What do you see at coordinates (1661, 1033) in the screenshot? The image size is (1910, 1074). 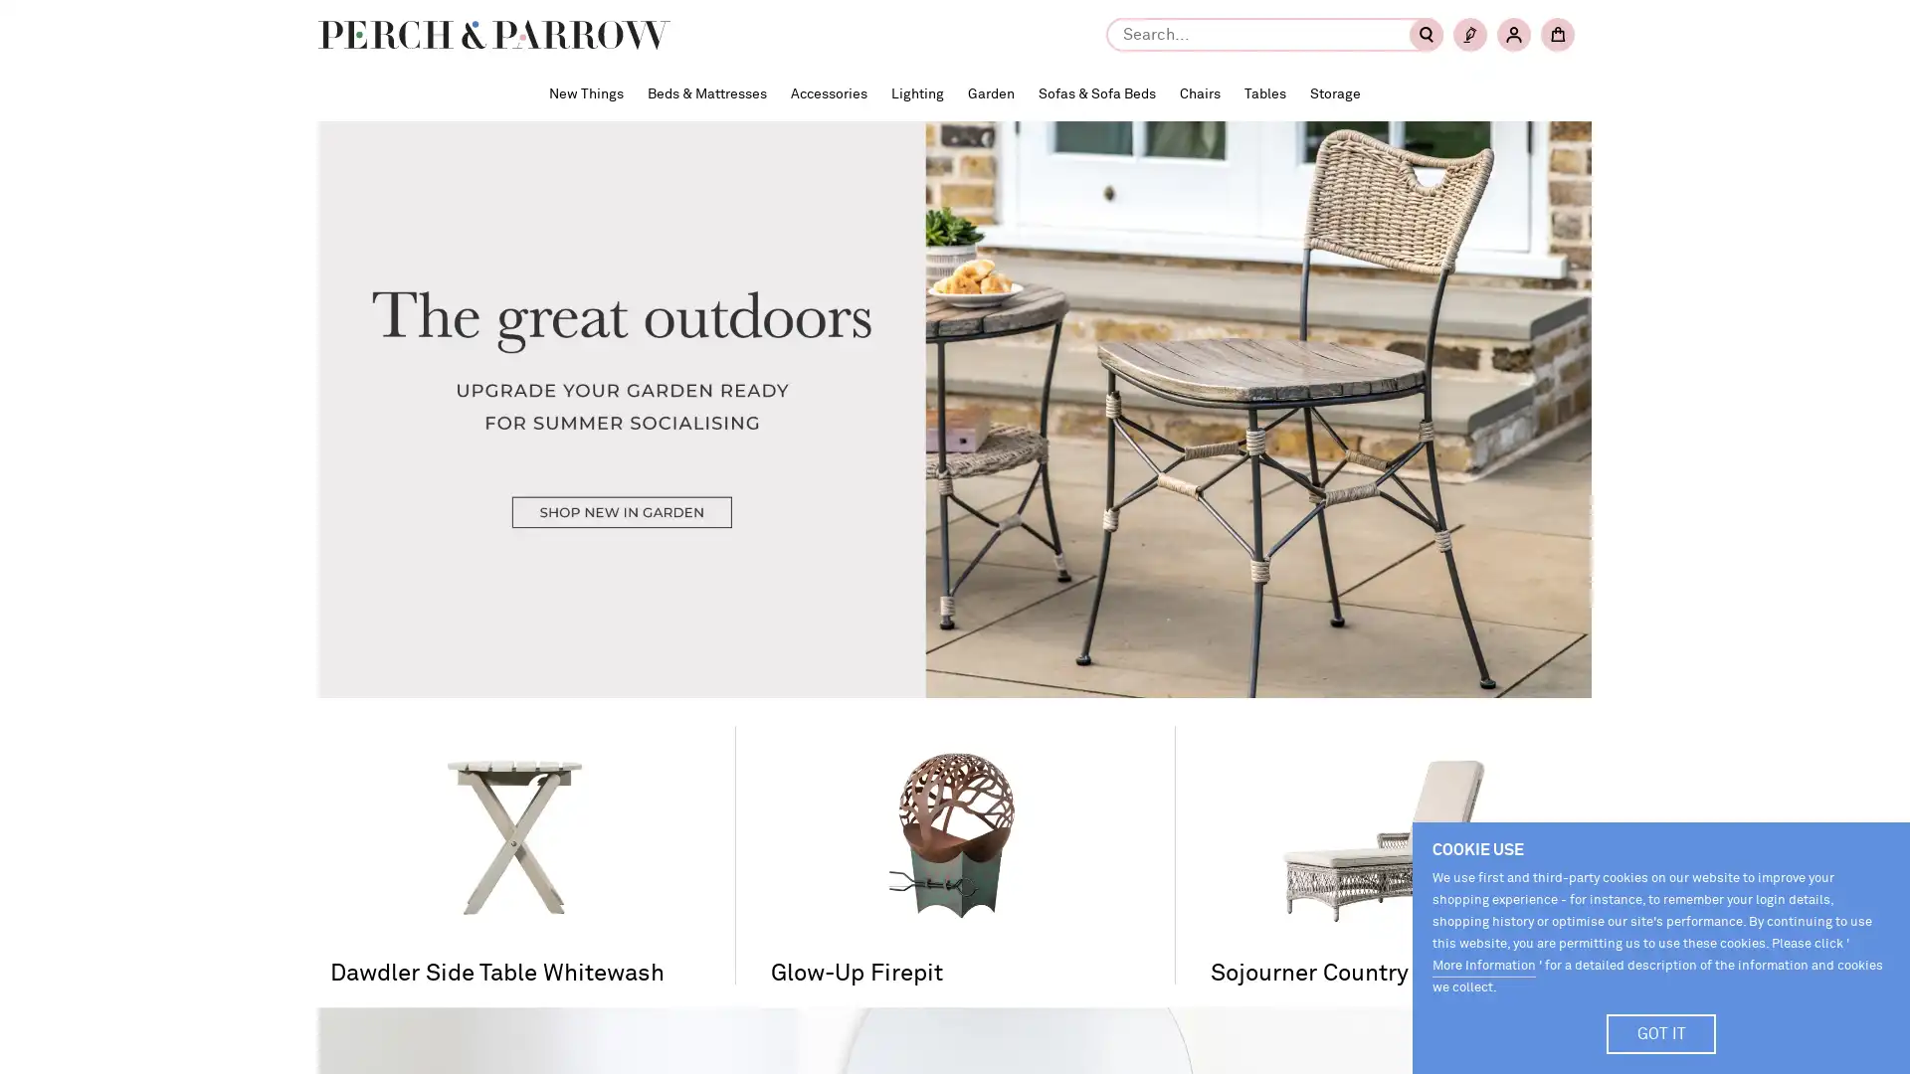 I see `GOT IT` at bounding box center [1661, 1033].